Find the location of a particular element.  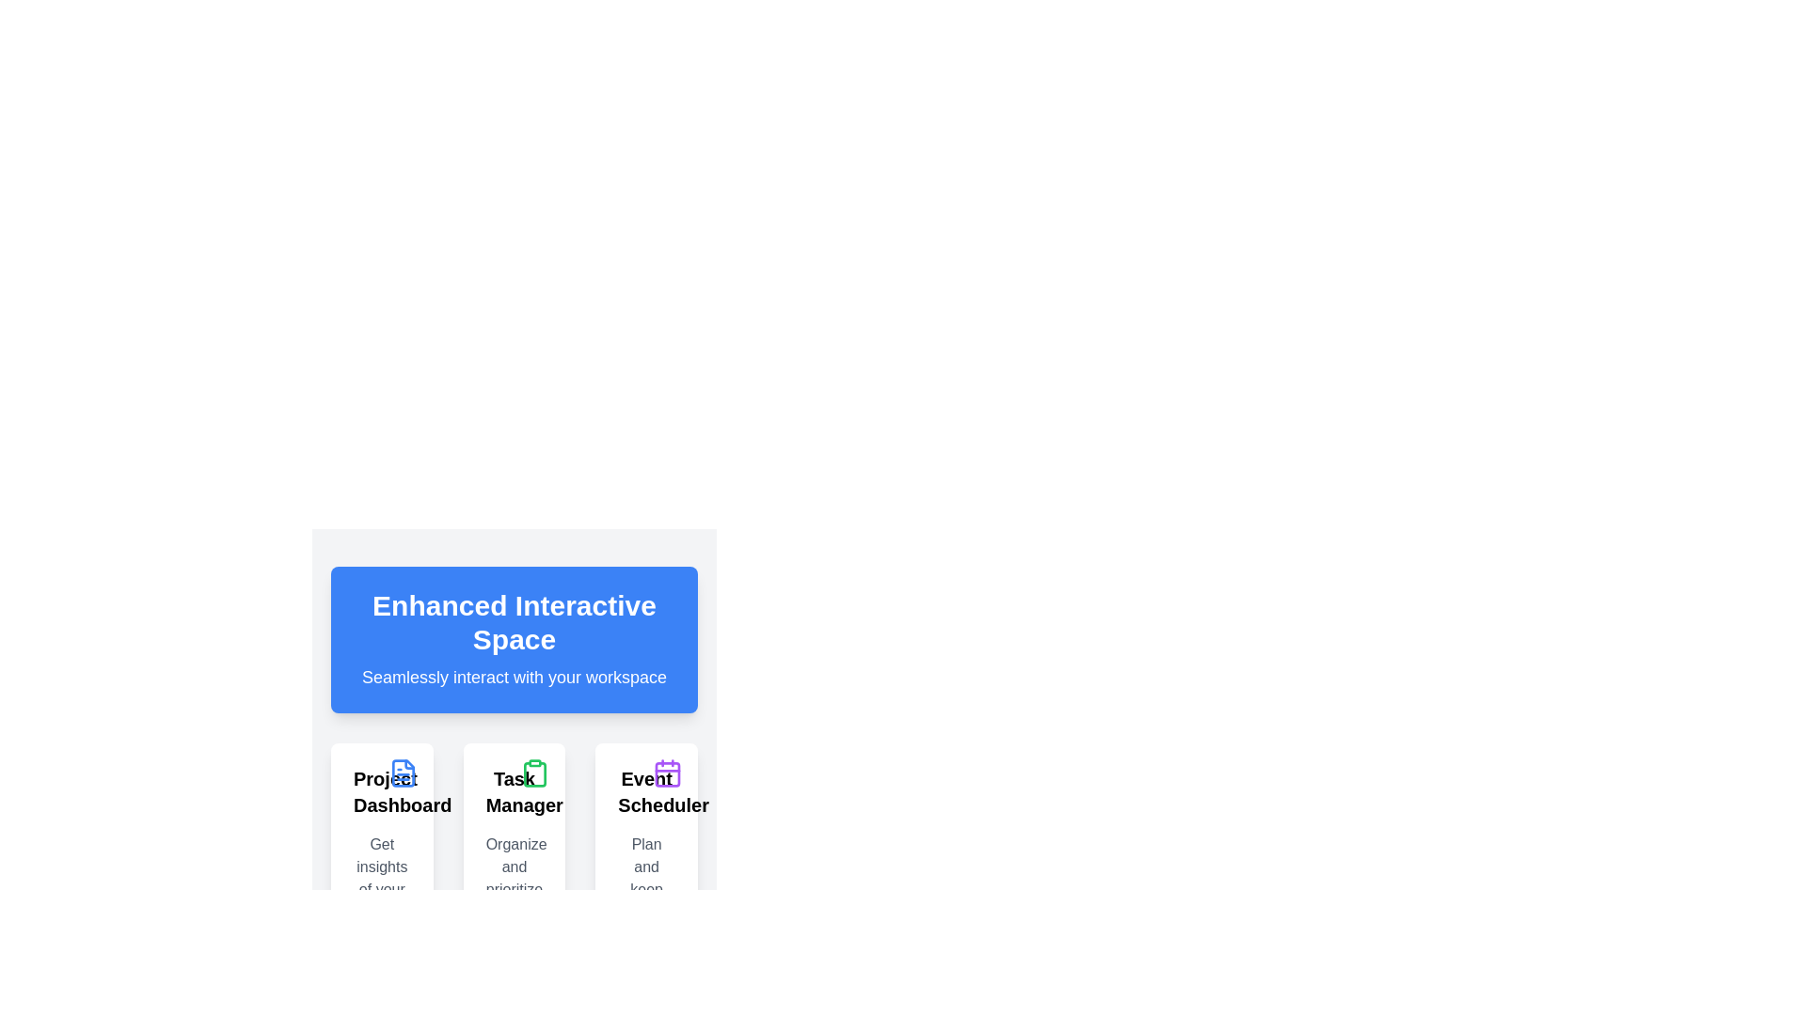

'Event Scheduler' text label, which is prominently displayed in bold at the upper-center of the event scheduling card located in the bottom-right section is located at coordinates (646, 792).